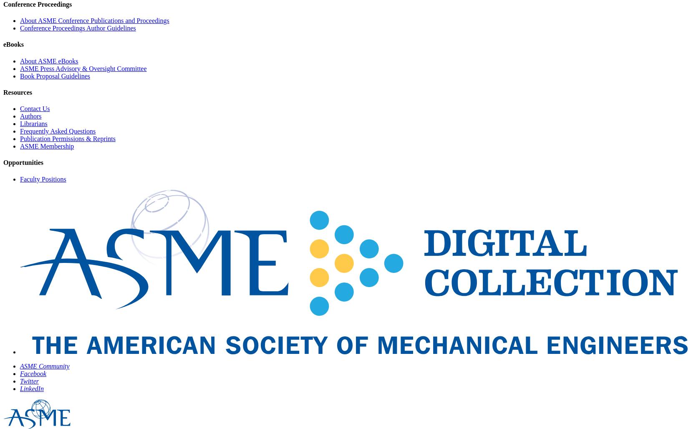 This screenshot has width=691, height=429. Describe the element at coordinates (20, 68) in the screenshot. I see `'ASME Press Advisory & Oversight Committee'` at that location.